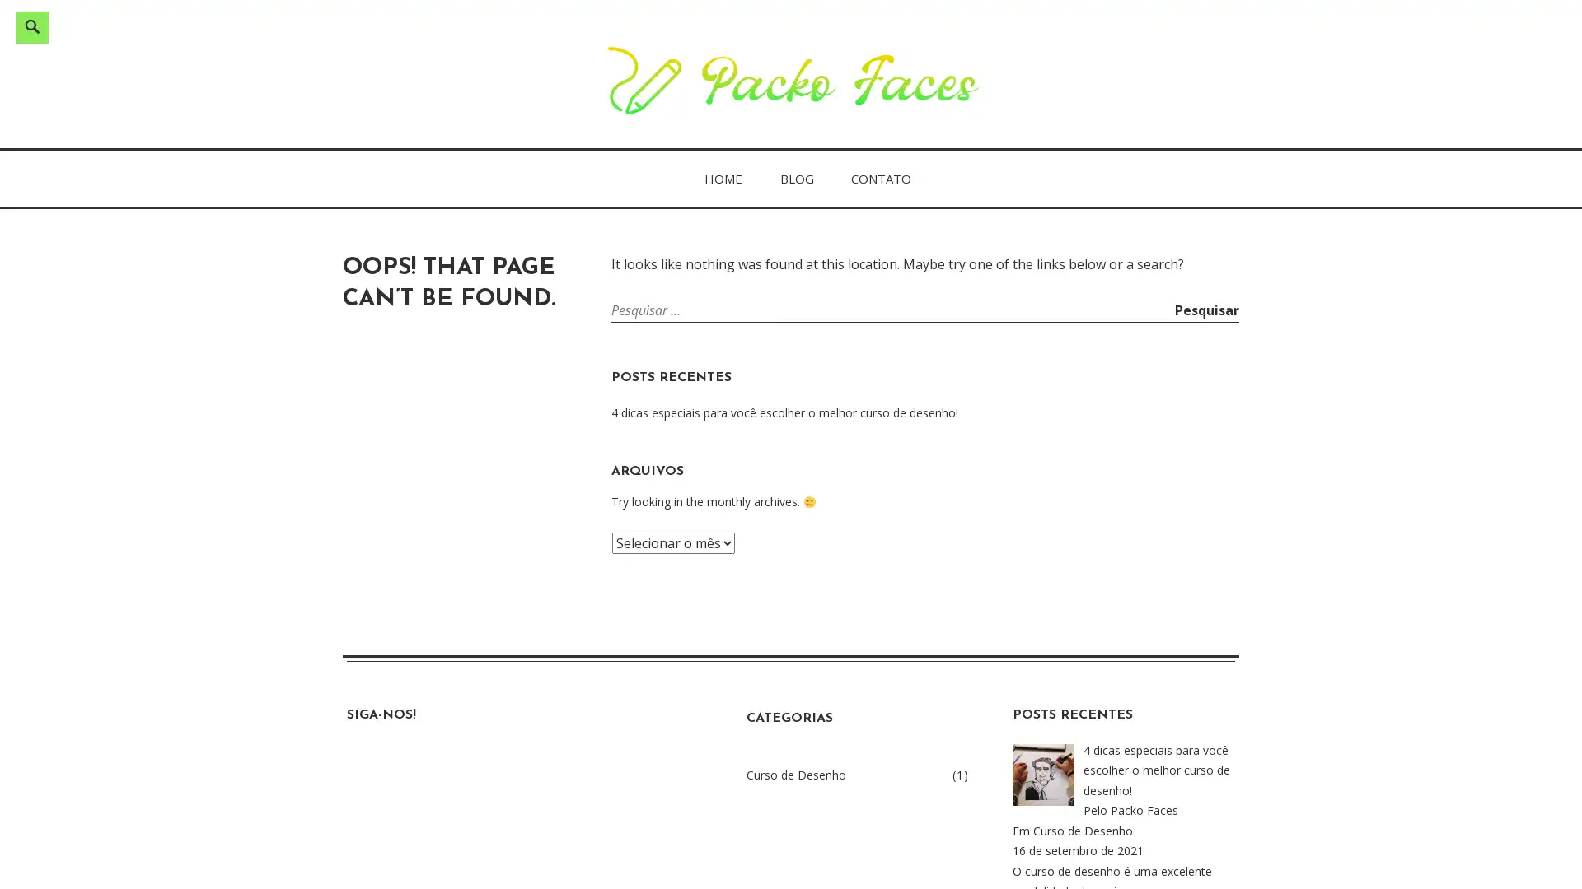 The image size is (1582, 889). Describe the element at coordinates (1206, 310) in the screenshot. I see `Pesquisar` at that location.